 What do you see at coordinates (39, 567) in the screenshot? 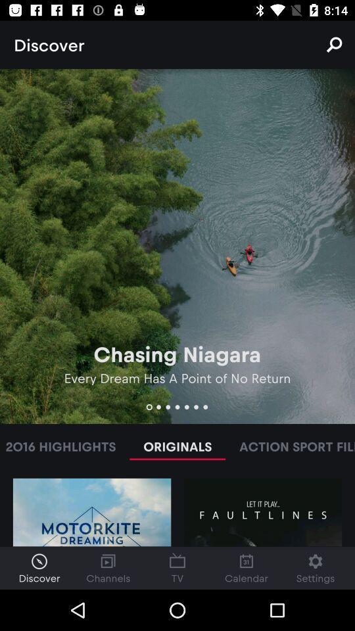
I see `the time icon` at bounding box center [39, 567].